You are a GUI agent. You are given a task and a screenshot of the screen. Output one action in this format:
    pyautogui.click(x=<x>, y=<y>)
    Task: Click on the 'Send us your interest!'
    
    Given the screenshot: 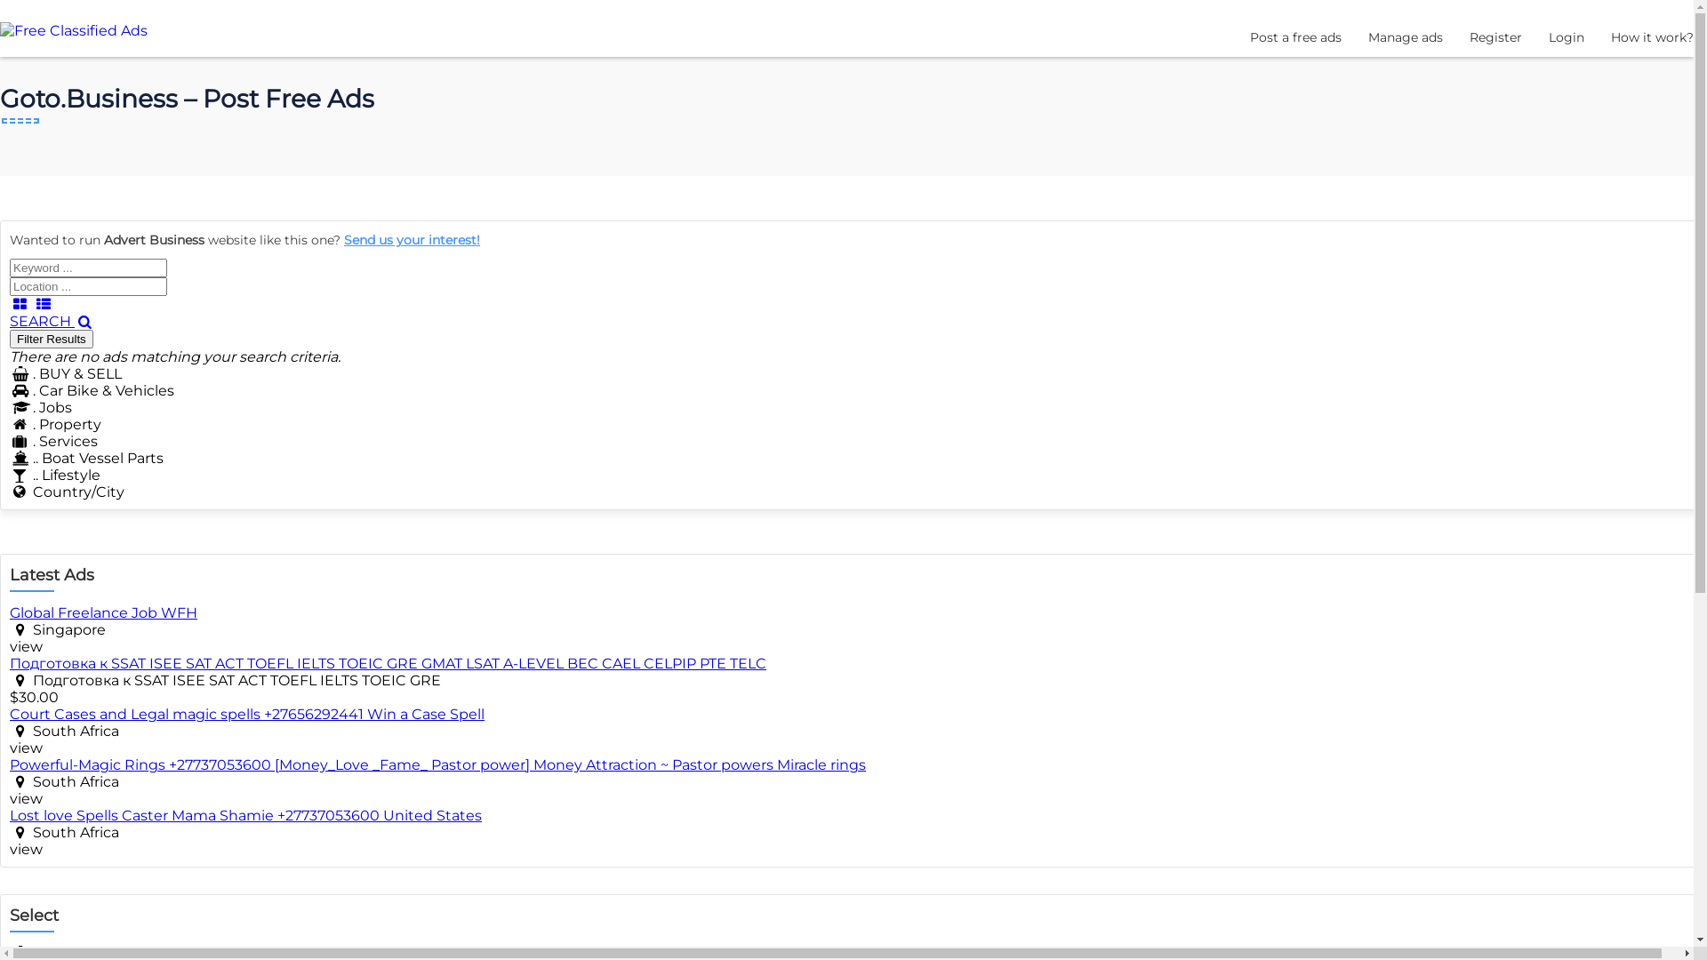 What is the action you would take?
    pyautogui.click(x=411, y=240)
    